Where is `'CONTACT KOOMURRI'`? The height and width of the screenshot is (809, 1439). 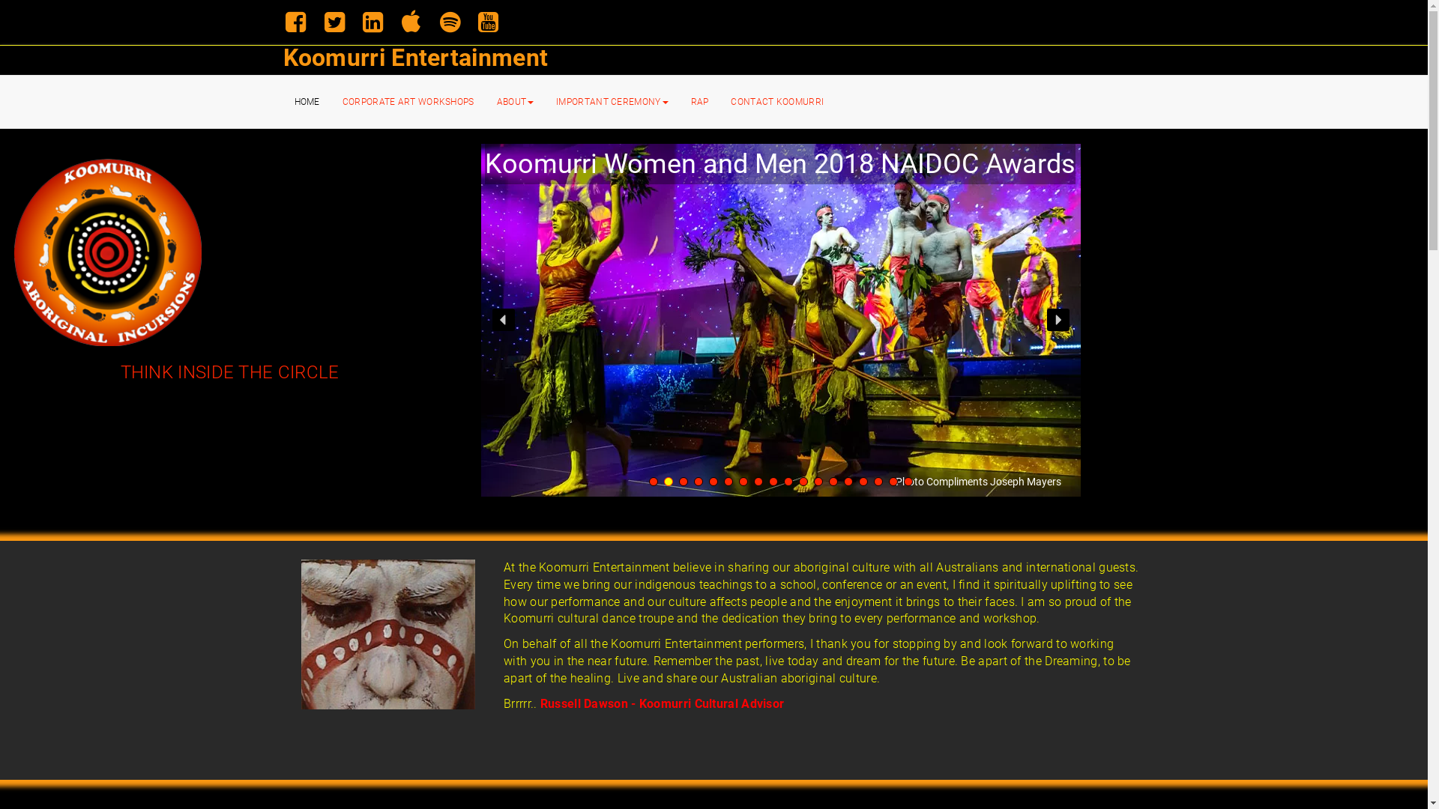 'CONTACT KOOMURRI' is located at coordinates (776, 101).